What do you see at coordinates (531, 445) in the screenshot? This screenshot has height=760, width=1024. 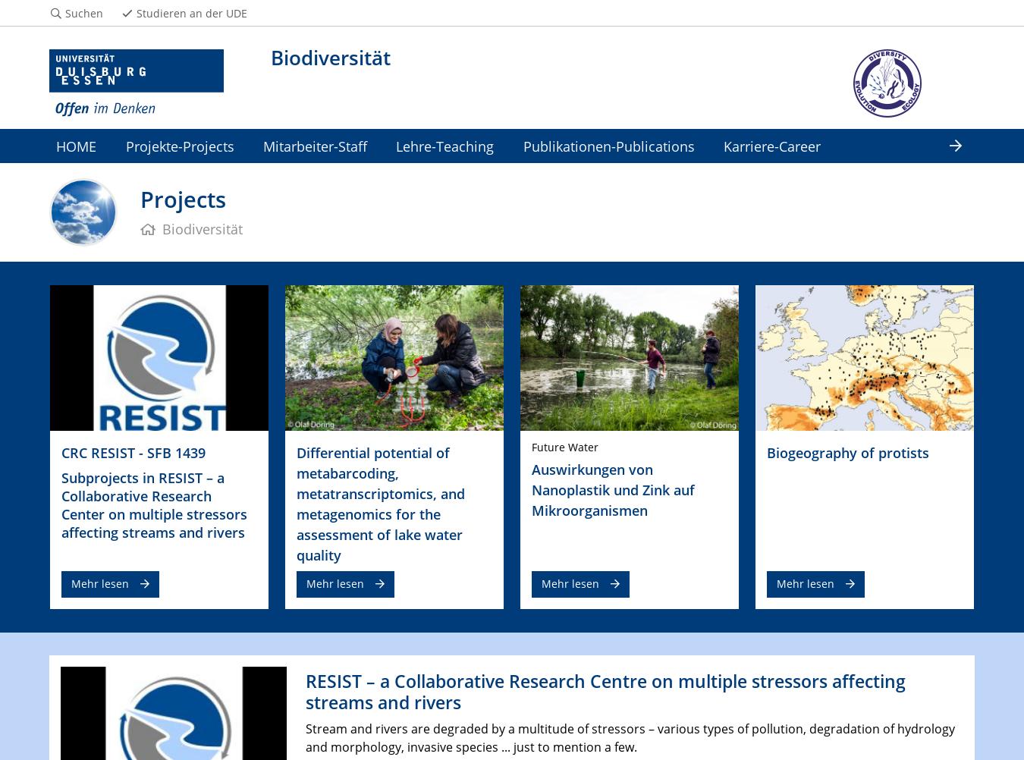 I see `'Future Water'` at bounding box center [531, 445].